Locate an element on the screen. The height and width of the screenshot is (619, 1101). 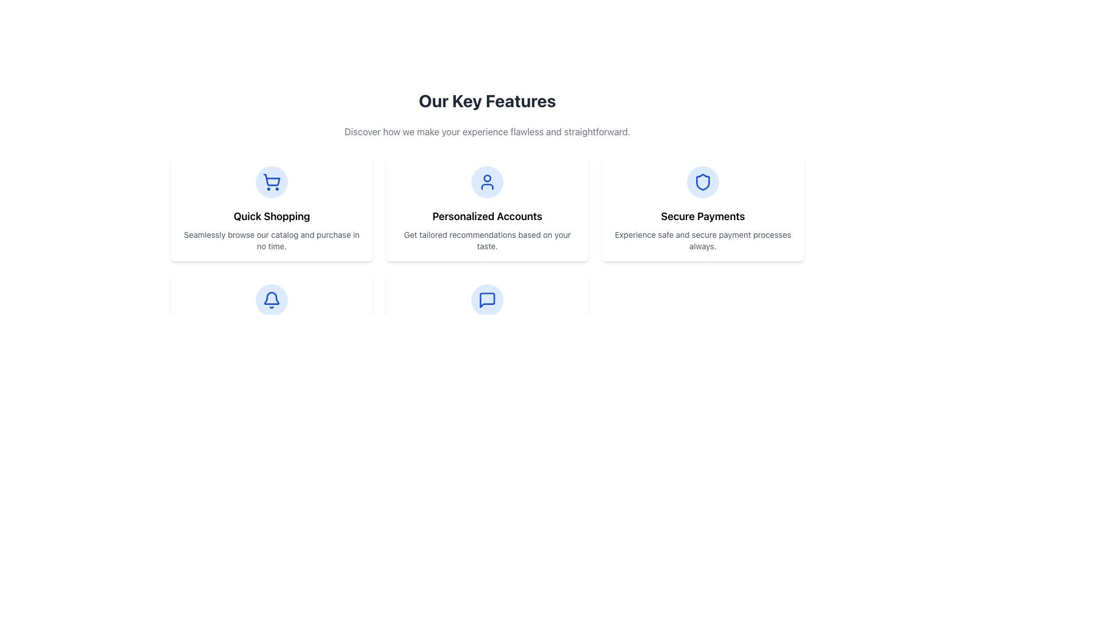
the informational card that highlights the feature of receiving instant notifications concerning the latest offers and updates, which is the fourth card in a horizontal grid layout, located below the 'Quick Shopping' card is located at coordinates (271, 321).